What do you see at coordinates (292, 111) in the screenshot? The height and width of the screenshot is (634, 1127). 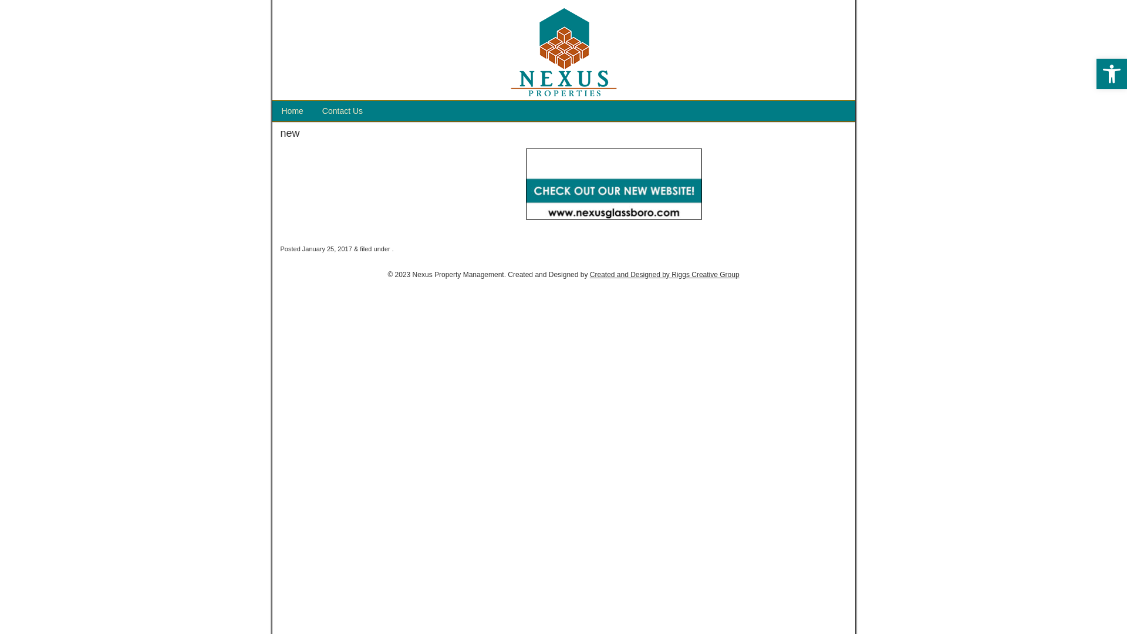 I see `'Home'` at bounding box center [292, 111].